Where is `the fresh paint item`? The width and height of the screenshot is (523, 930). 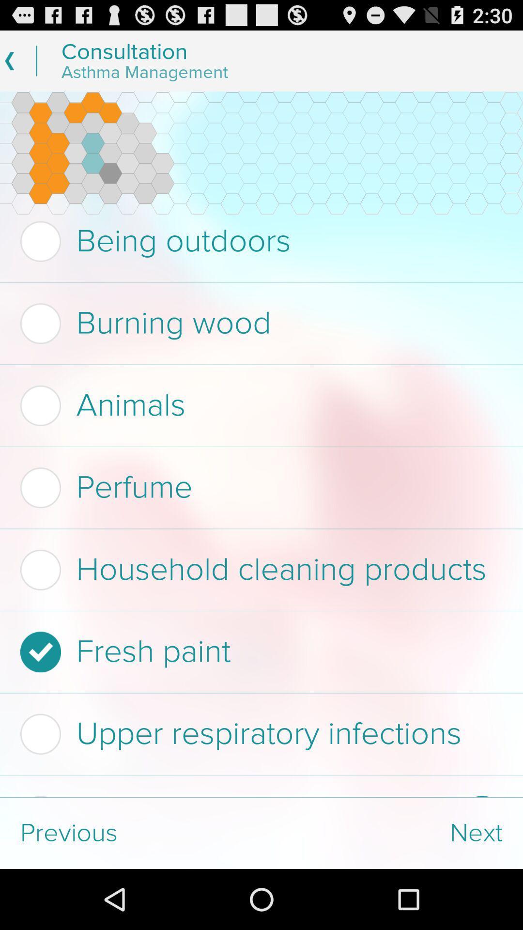 the fresh paint item is located at coordinates (258, 652).